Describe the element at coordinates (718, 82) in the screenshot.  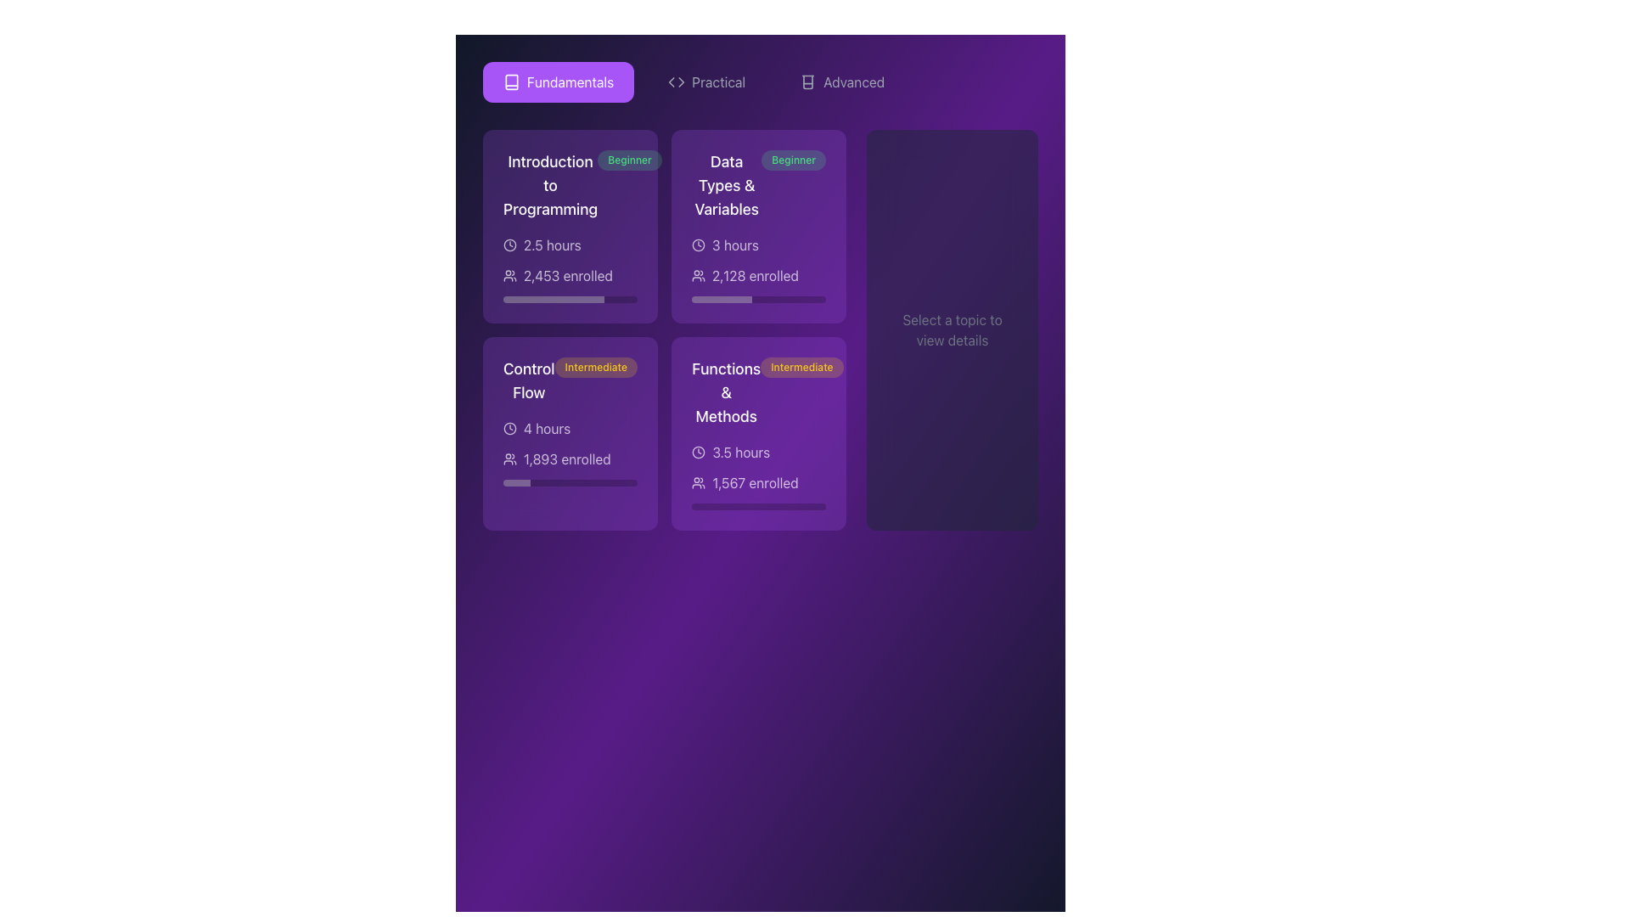
I see `the navigation link labeled 'Practical' located at the top center of the interface` at that location.